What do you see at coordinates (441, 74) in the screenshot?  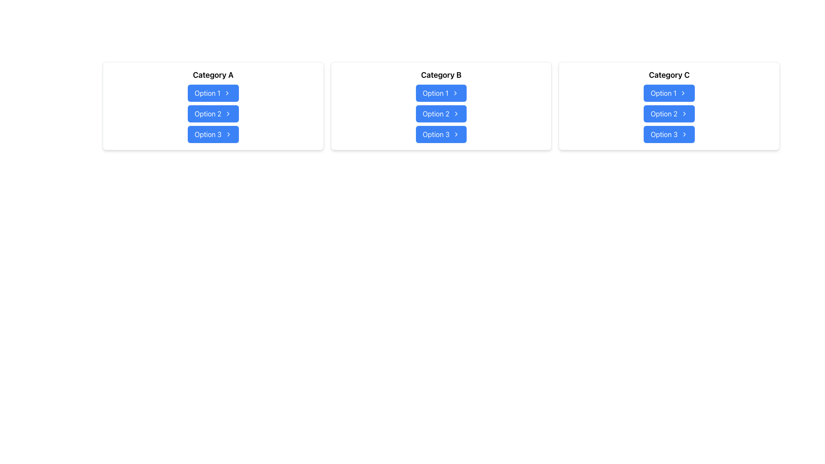 I see `the text label located at the top of the center card, which indicates the type or scope of the options below it` at bounding box center [441, 74].